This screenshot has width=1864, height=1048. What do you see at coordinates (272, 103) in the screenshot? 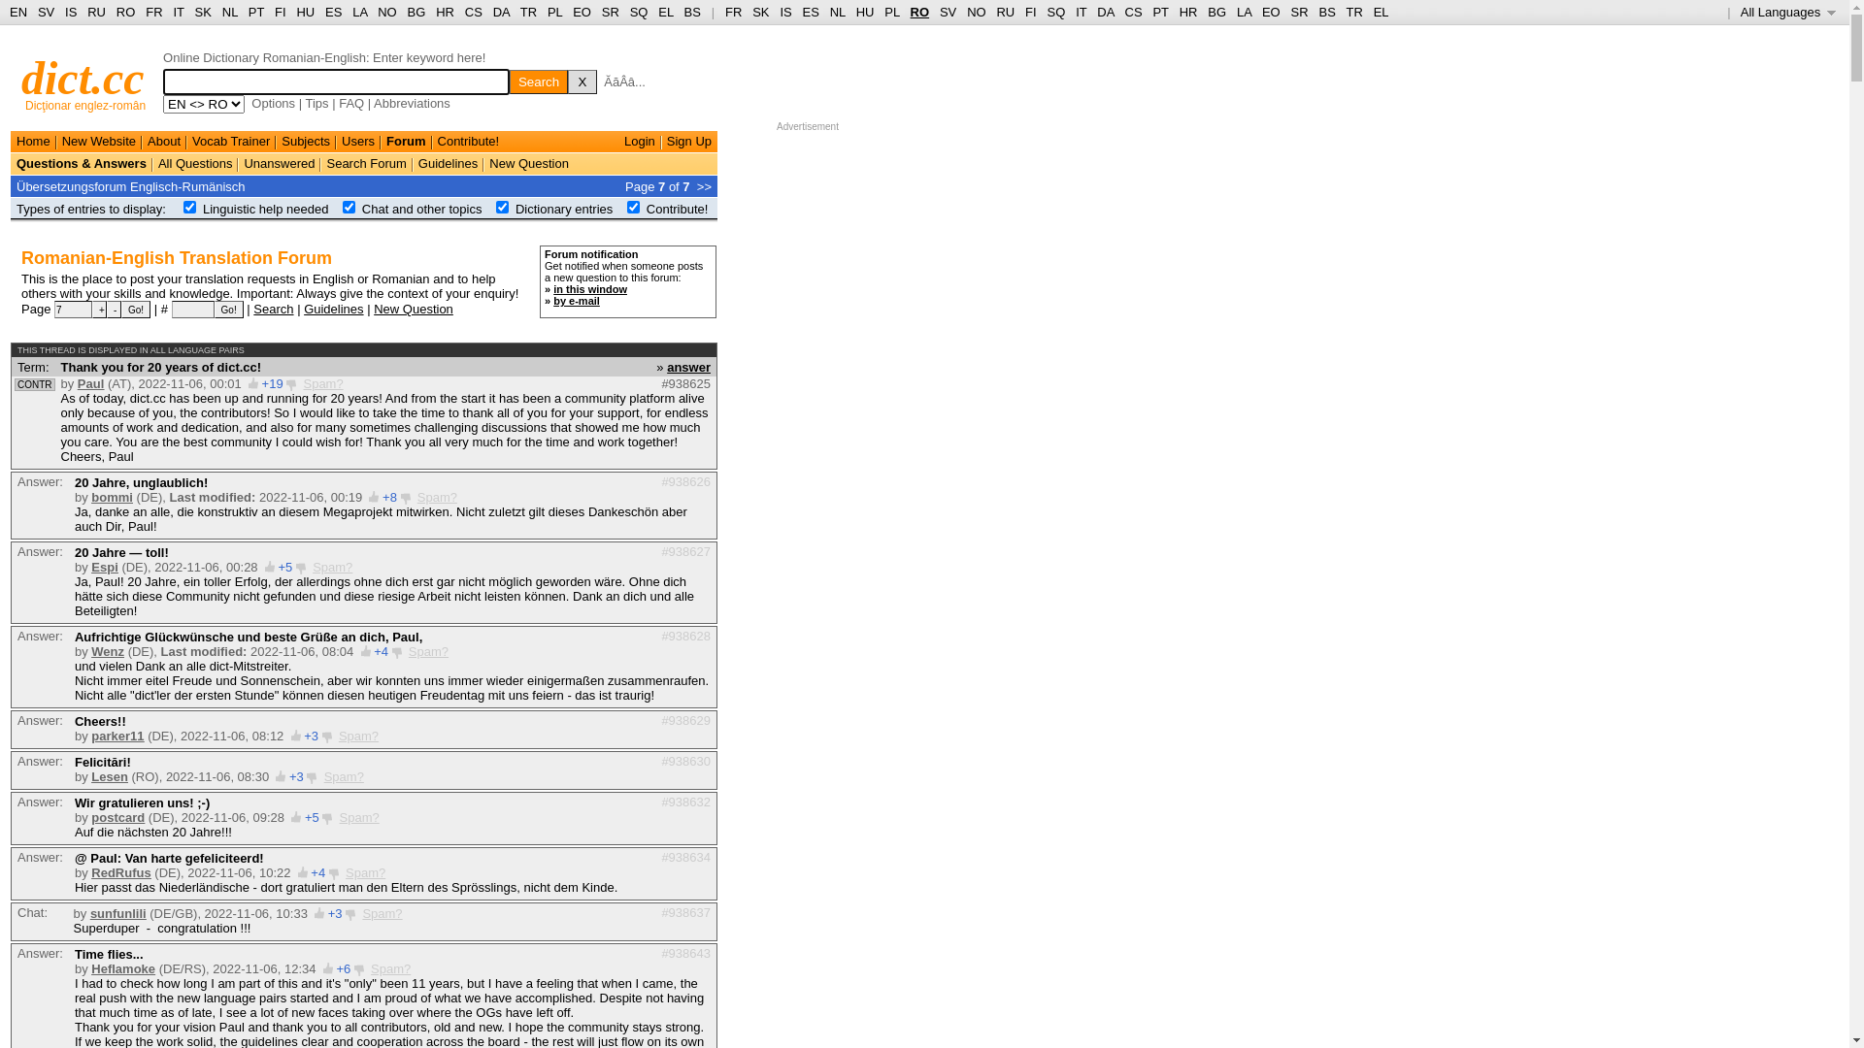
I see `'Options'` at bounding box center [272, 103].